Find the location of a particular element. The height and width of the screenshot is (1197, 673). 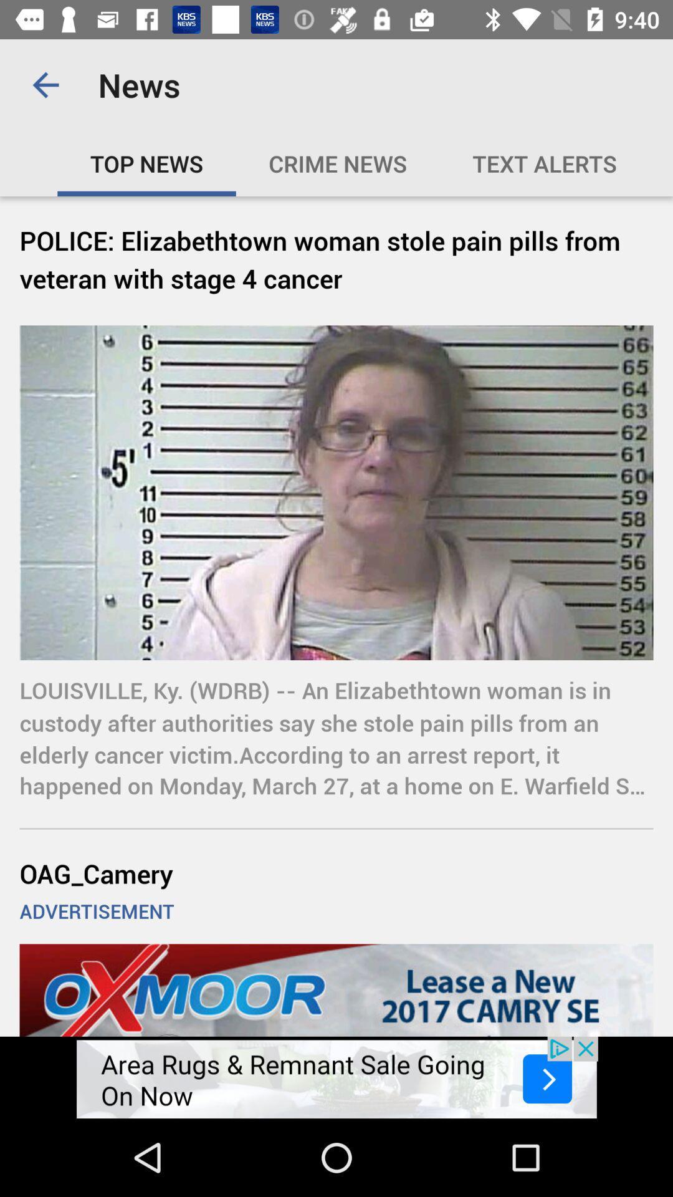

icon above the top news icon is located at coordinates (45, 84).